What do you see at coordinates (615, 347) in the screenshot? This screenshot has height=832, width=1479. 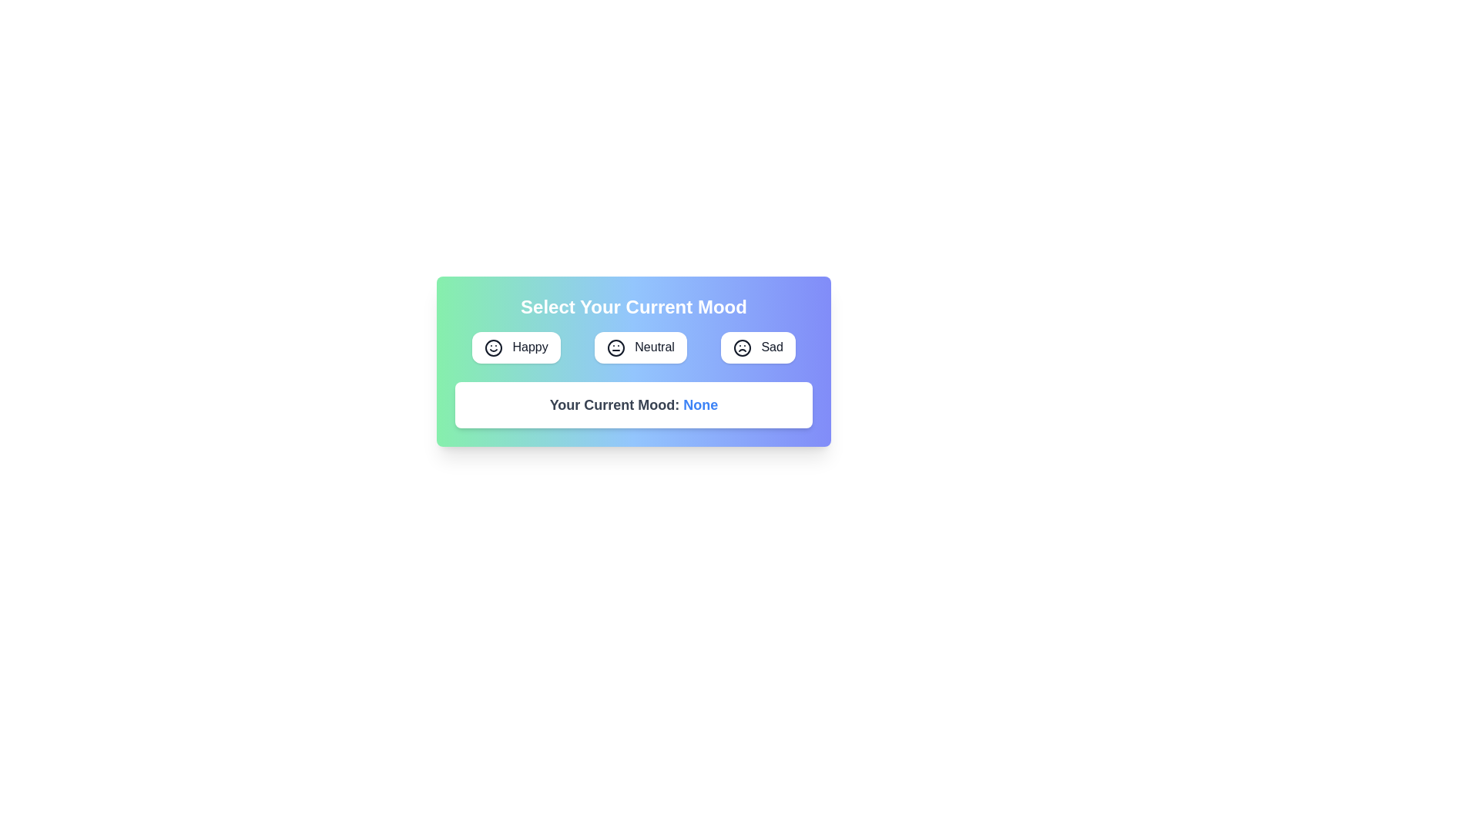 I see `the circular graphic icon that is part of the 'Neutral' button in the mood selection interface` at bounding box center [615, 347].